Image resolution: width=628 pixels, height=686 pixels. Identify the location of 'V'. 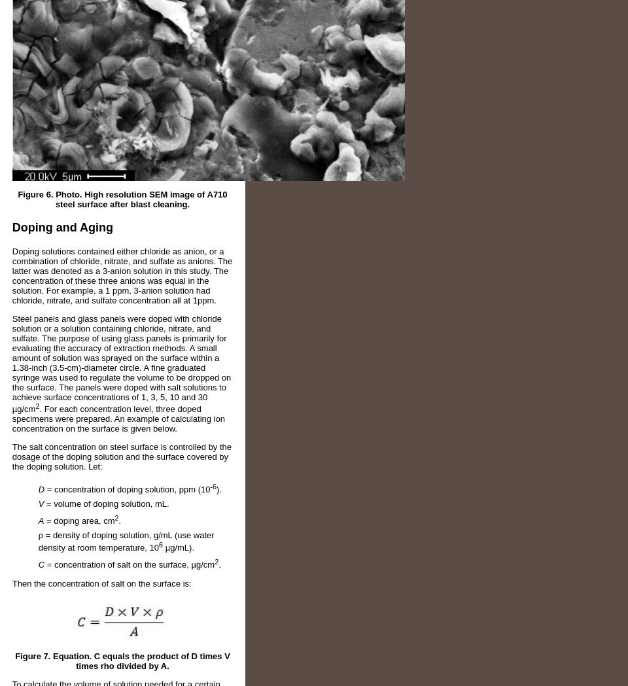
(41, 504).